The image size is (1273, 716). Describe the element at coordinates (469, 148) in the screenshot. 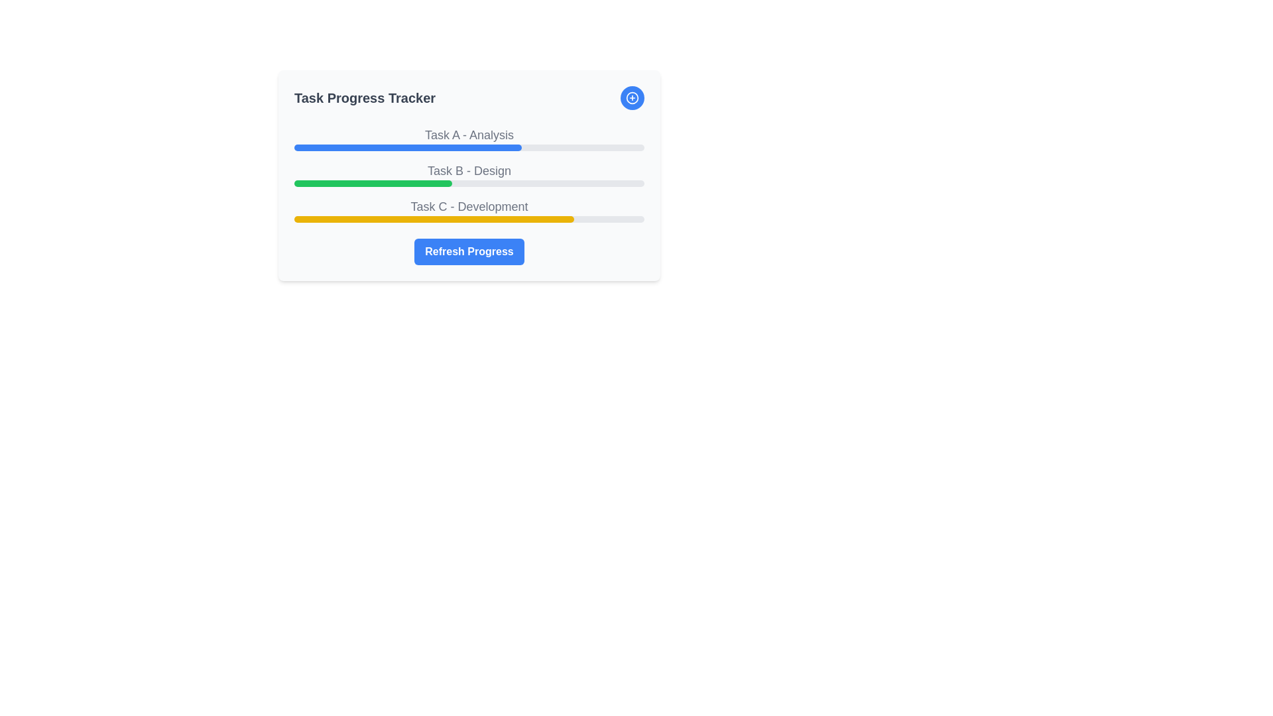

I see `the progress bar indicating the completion status for 'Task A - Analysis.'` at that location.